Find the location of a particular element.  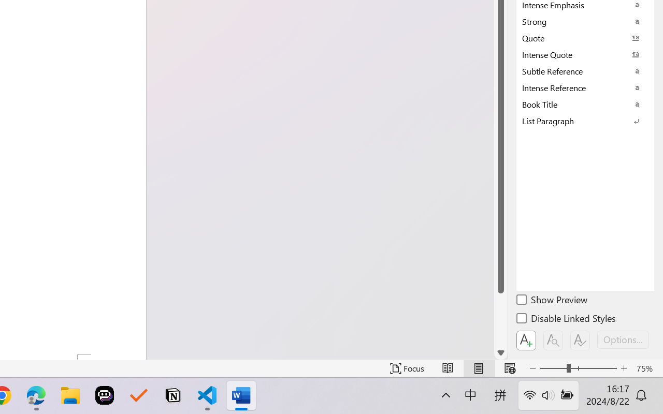

'Disable Linked Styles' is located at coordinates (567, 320).